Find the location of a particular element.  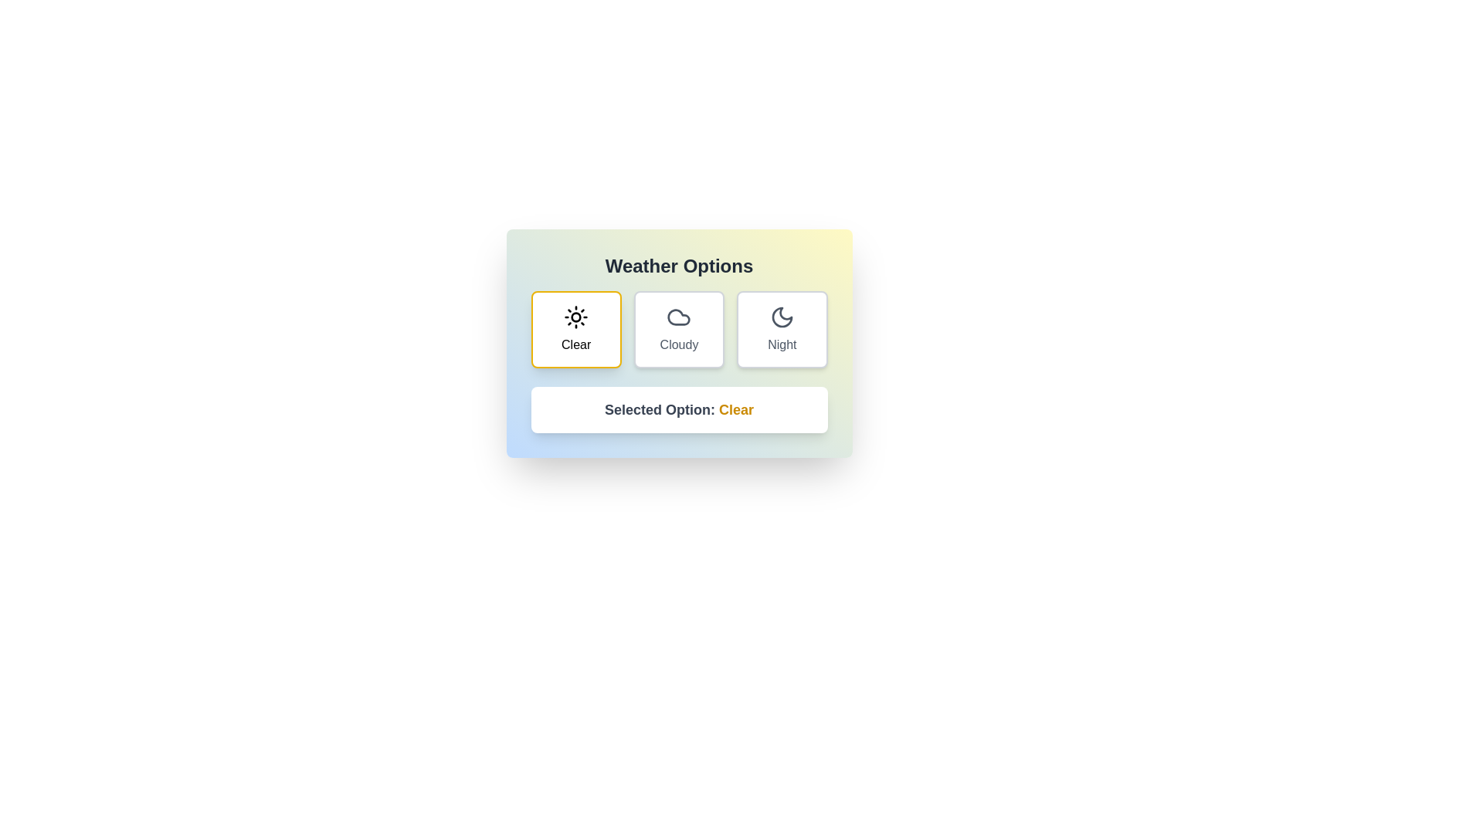

text content of the label displaying 'Clear' within the weather options card, which is located on the leftmost side of the three-icon weather selection interface is located at coordinates (575, 344).